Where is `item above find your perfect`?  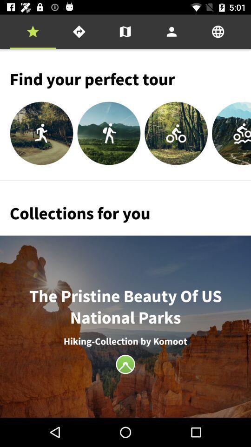
item above find your perfect is located at coordinates (171, 32).